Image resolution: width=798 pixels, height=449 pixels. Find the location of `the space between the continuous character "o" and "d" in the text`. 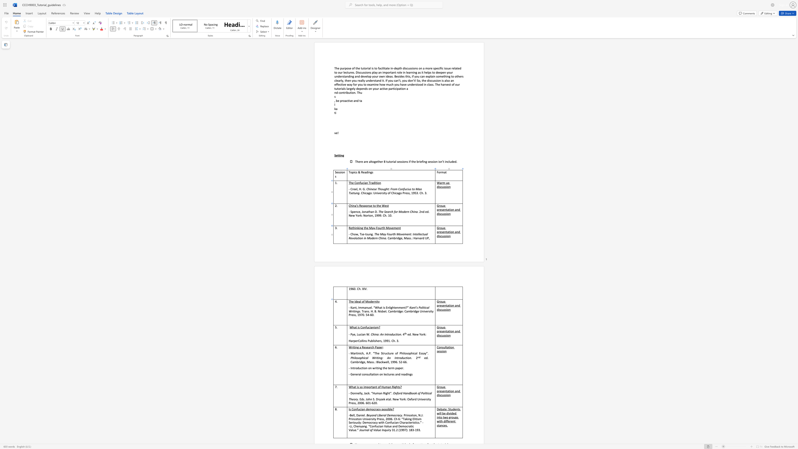

the space between the continuous character "o" and "d" in the text is located at coordinates (370, 301).